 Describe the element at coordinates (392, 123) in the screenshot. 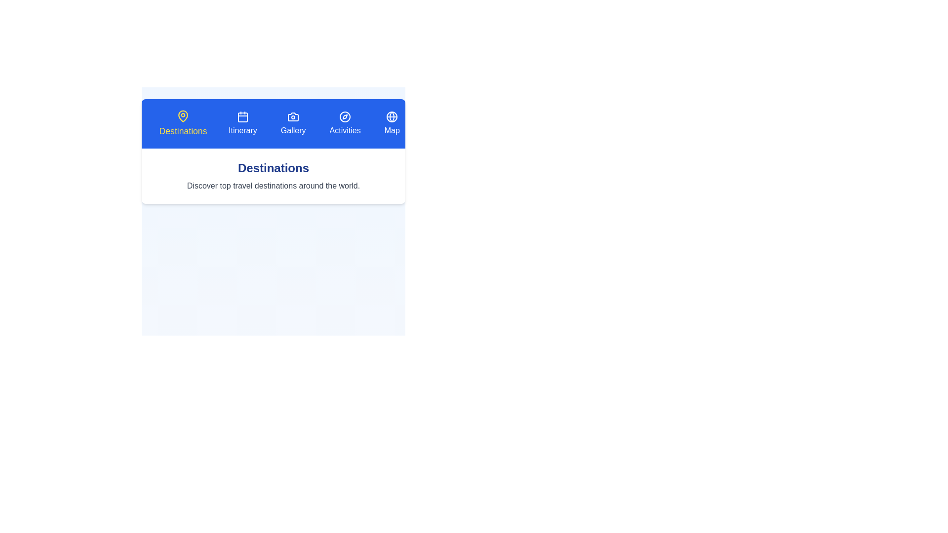

I see `the navigation button located at the far right of the horizontal navigation bar, which is positioned after the 'Activities' button, to trigger the scaling effect` at that location.